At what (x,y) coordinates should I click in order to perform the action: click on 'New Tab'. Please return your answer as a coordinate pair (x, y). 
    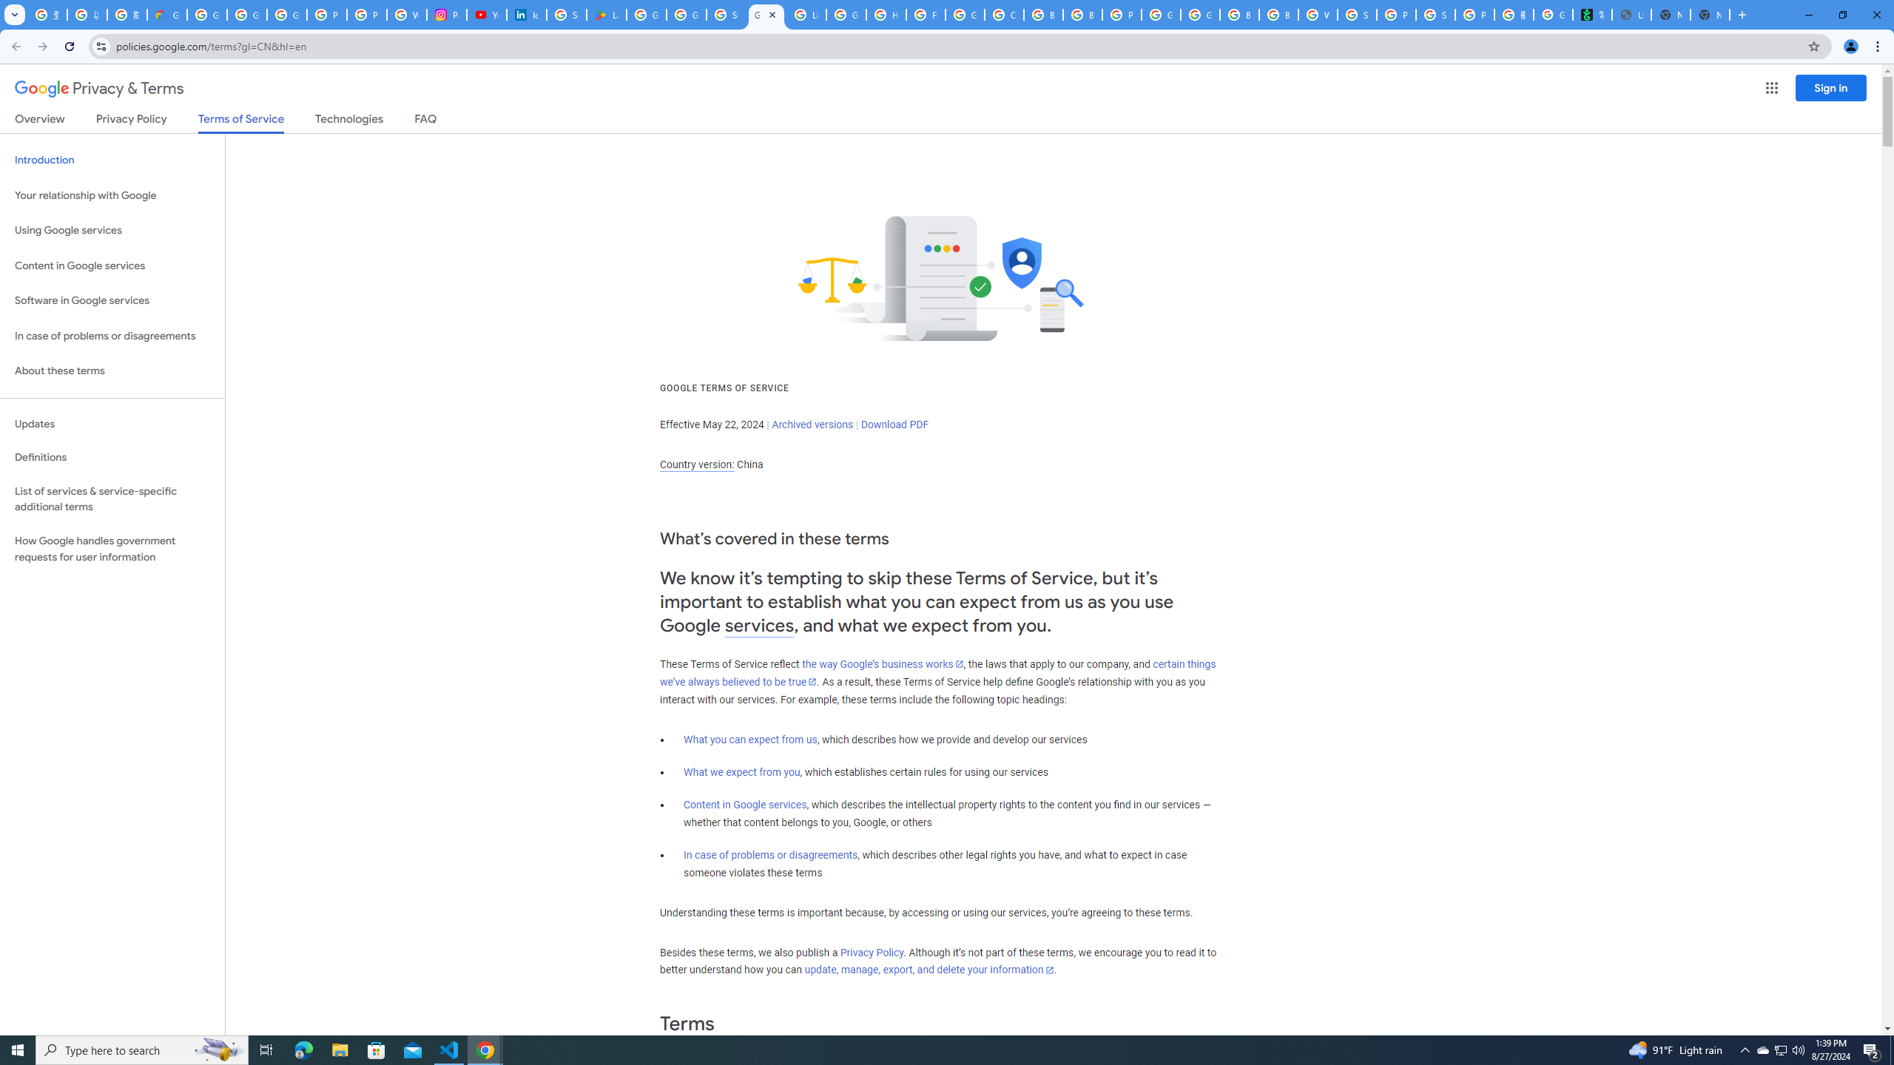
    Looking at the image, I should click on (1710, 14).